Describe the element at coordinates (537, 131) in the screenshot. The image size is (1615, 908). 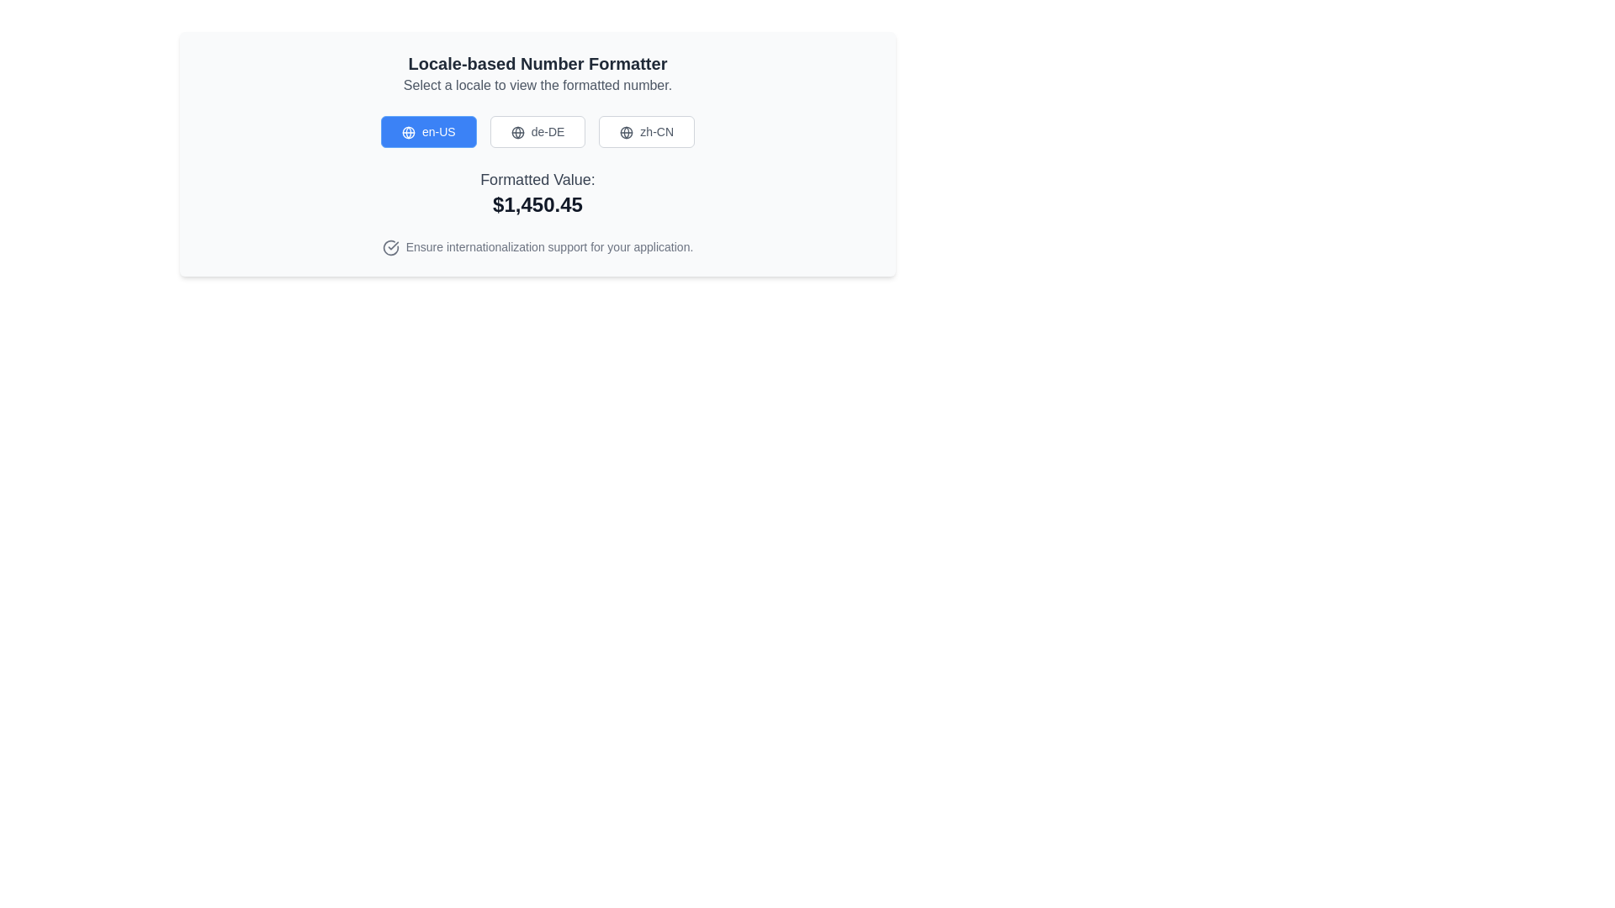
I see `the second button in the group that selects the German (Germany) locale 'de-DE'` at that location.